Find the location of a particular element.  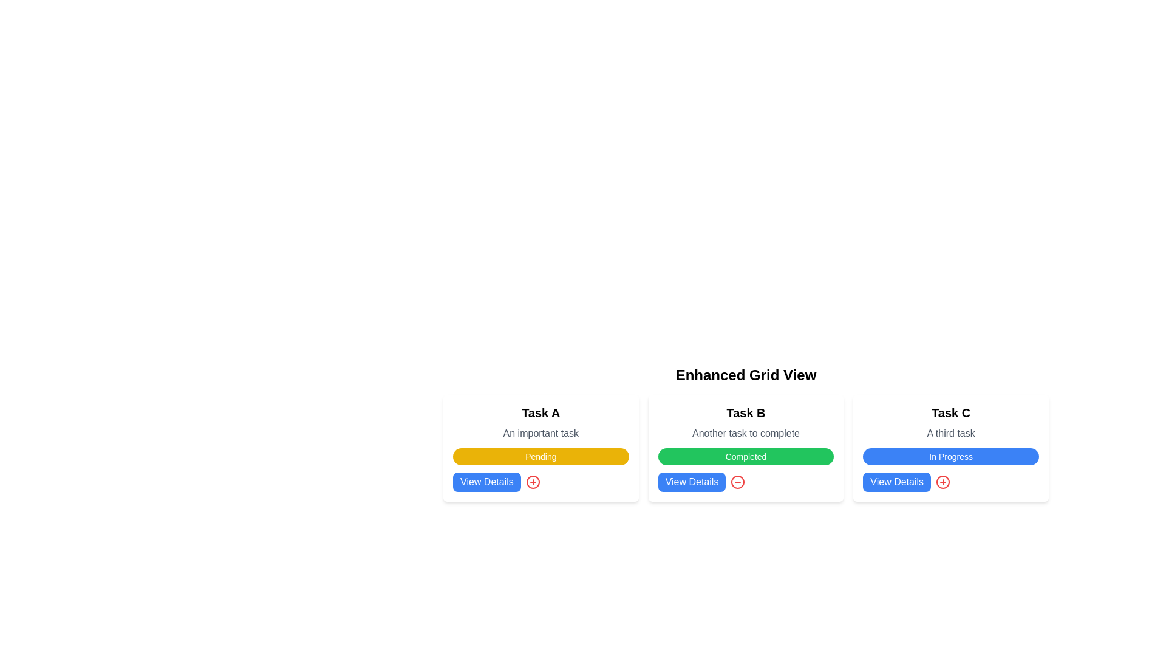

the first 'View Details' button corresponding to 'Task A' is located at coordinates (486, 482).